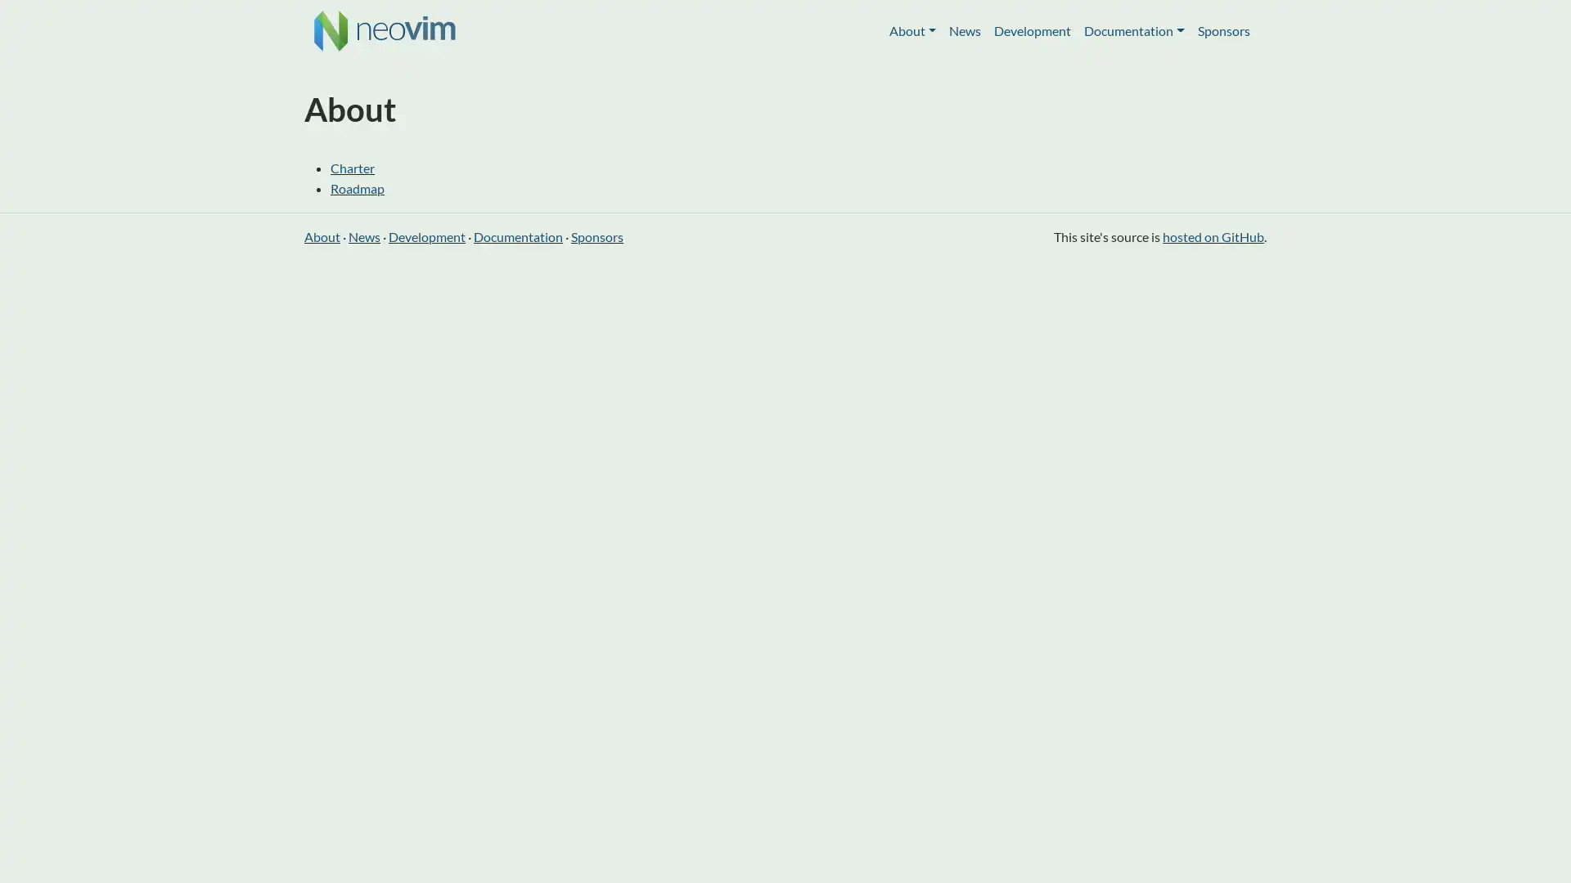 This screenshot has height=883, width=1571. I want to click on About, so click(911, 30).